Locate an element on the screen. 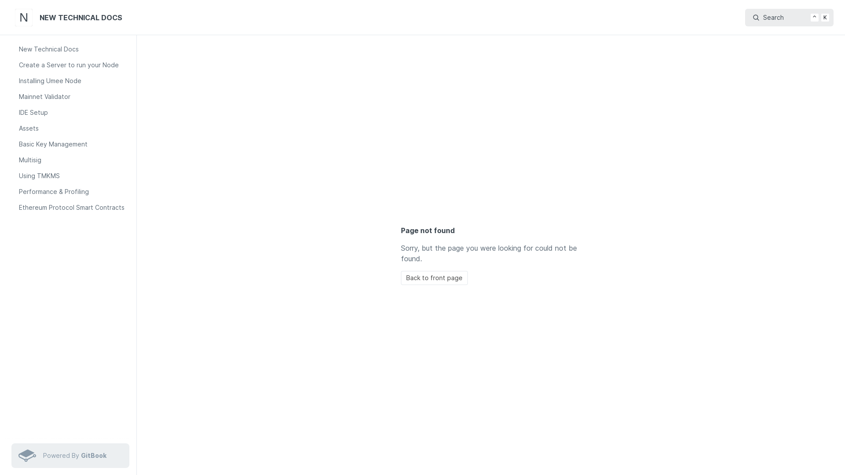  'Basic Key Management' is located at coordinates (15, 143).